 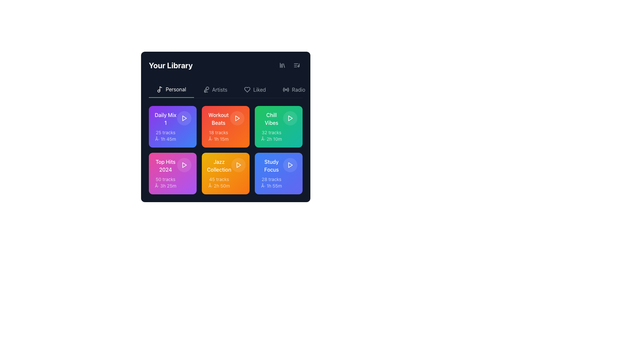 What do you see at coordinates (218, 135) in the screenshot?
I see `the text label displaying the metadata for the 'Workout Beats' playlist, which shows the number of tracks and total playtime duration, located beneath the title text 'Workout Beats'` at bounding box center [218, 135].